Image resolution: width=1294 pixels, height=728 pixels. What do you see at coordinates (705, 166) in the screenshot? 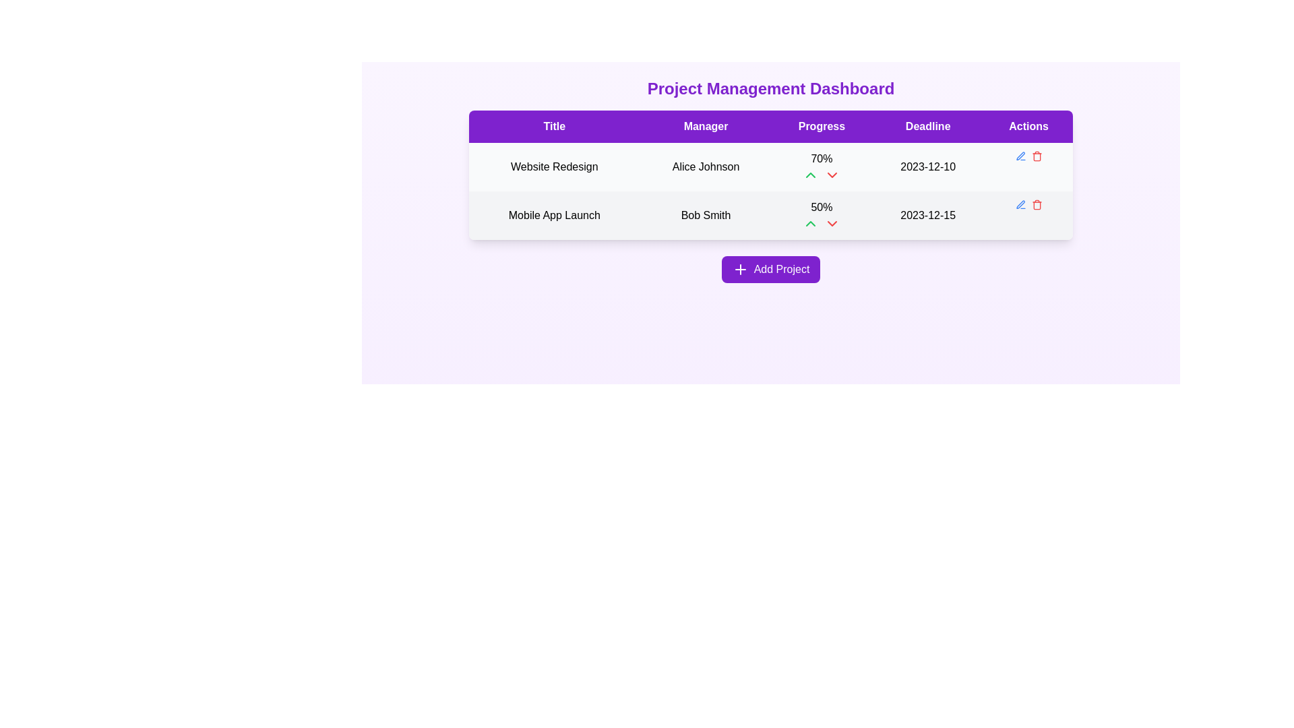
I see `the text label displaying 'Alice Johnson', which is located in the second column of the first row of the table, between the 'Title' and 'Progress' columns` at bounding box center [705, 166].